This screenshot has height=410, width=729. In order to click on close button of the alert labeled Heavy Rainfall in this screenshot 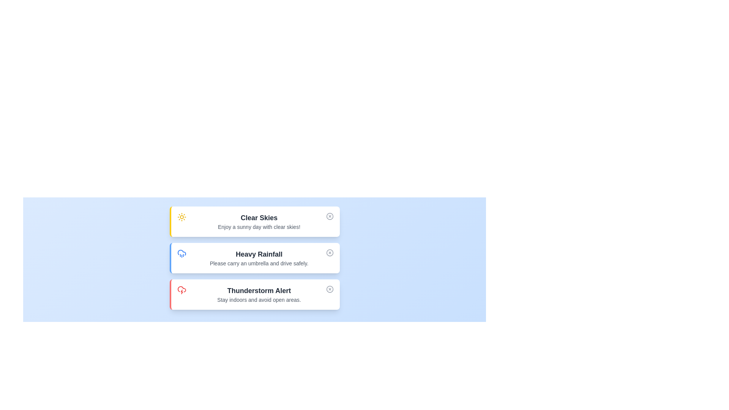, I will do `click(330, 253)`.